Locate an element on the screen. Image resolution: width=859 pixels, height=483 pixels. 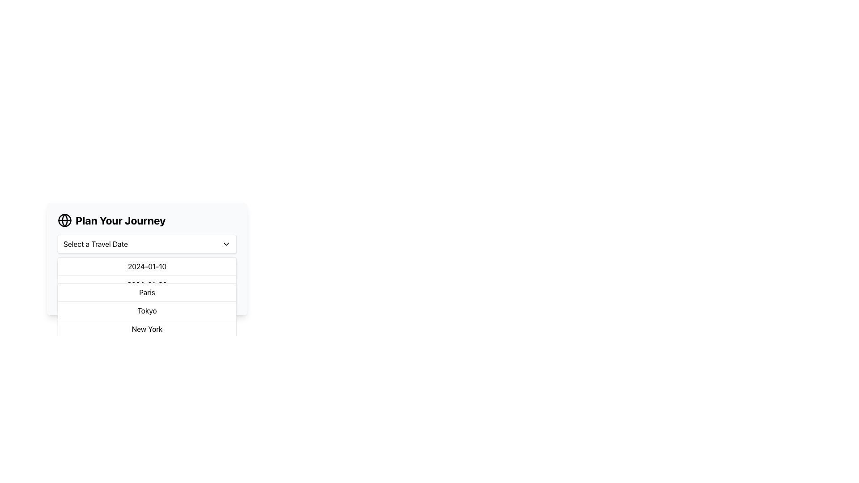
the first selectable date option in the dropdown menu for choosing a travel date, located centrally below the 'Select a Travel Date' input field is located at coordinates (147, 266).